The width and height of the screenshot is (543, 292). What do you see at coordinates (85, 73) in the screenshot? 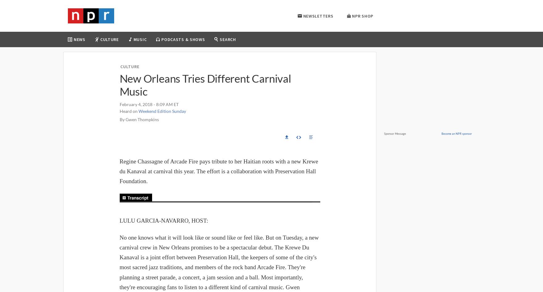
I see `'Politics'` at bounding box center [85, 73].